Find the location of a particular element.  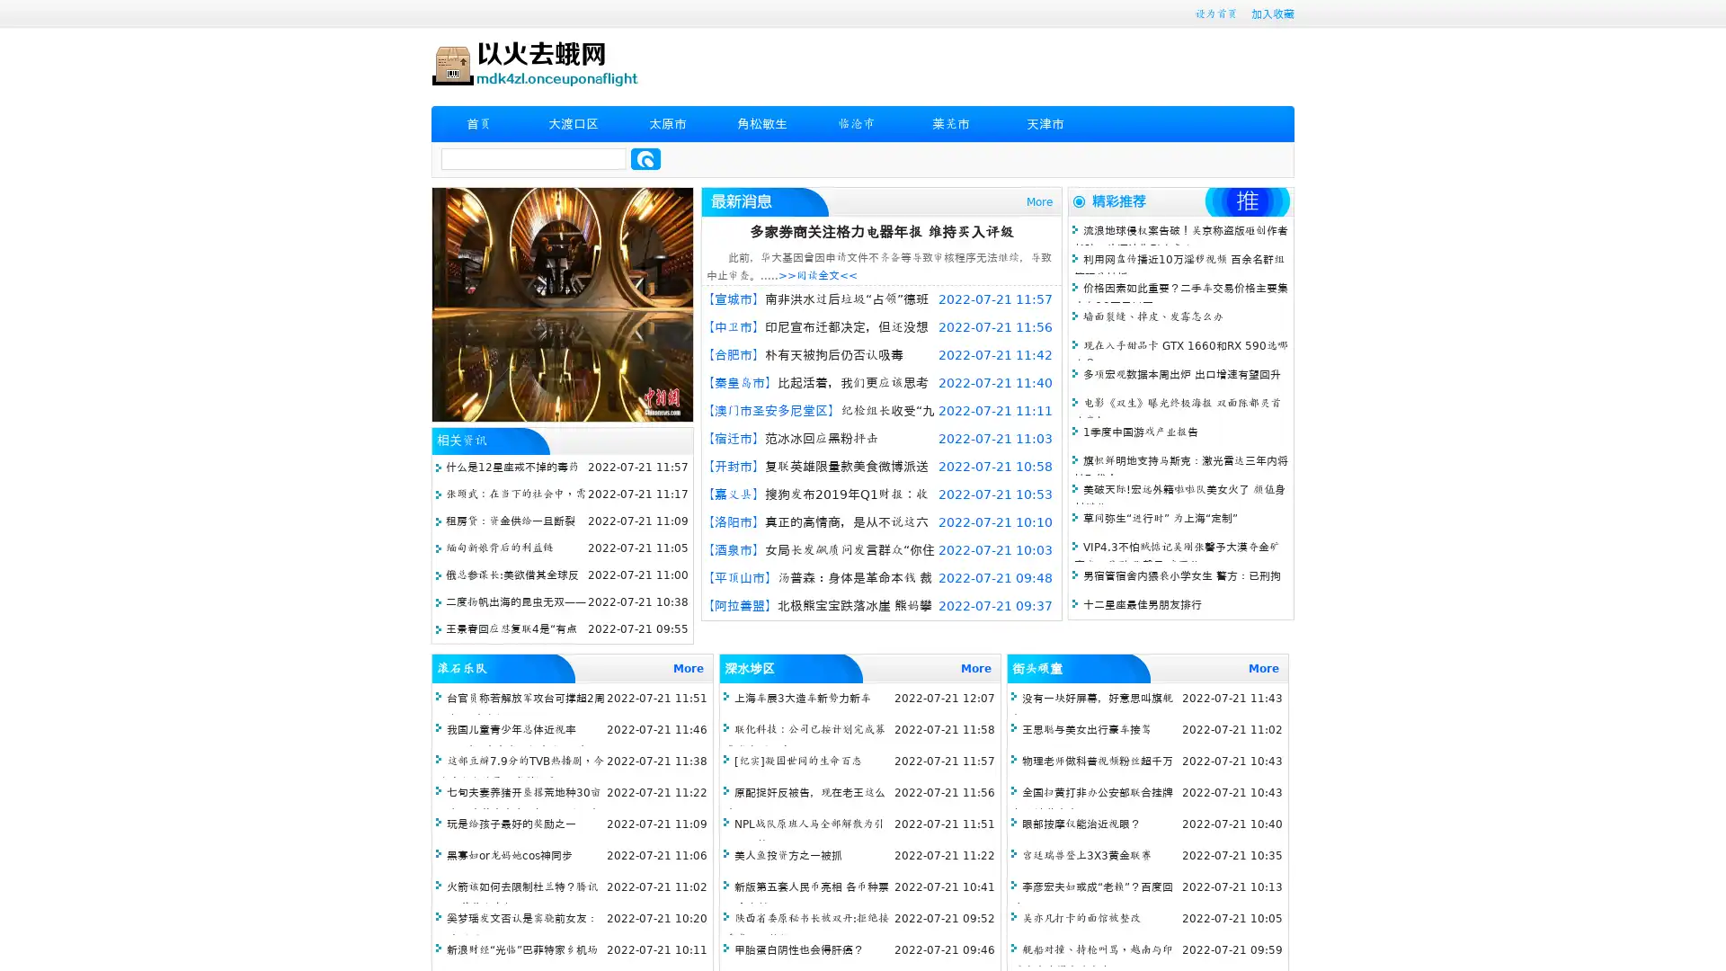

Search is located at coordinates (645, 158).